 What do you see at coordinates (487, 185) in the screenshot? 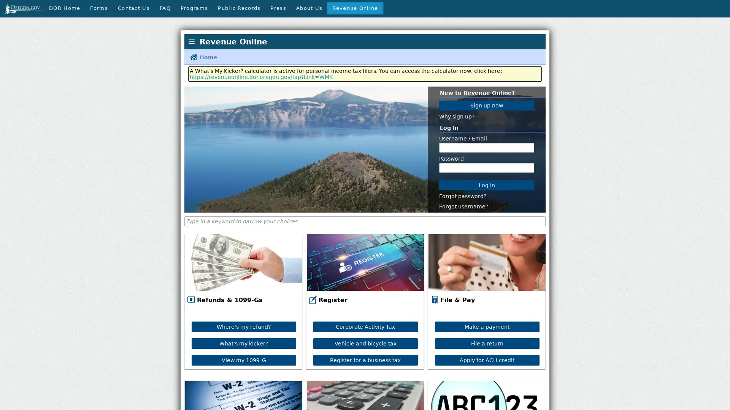
I see `Log in` at bounding box center [487, 185].